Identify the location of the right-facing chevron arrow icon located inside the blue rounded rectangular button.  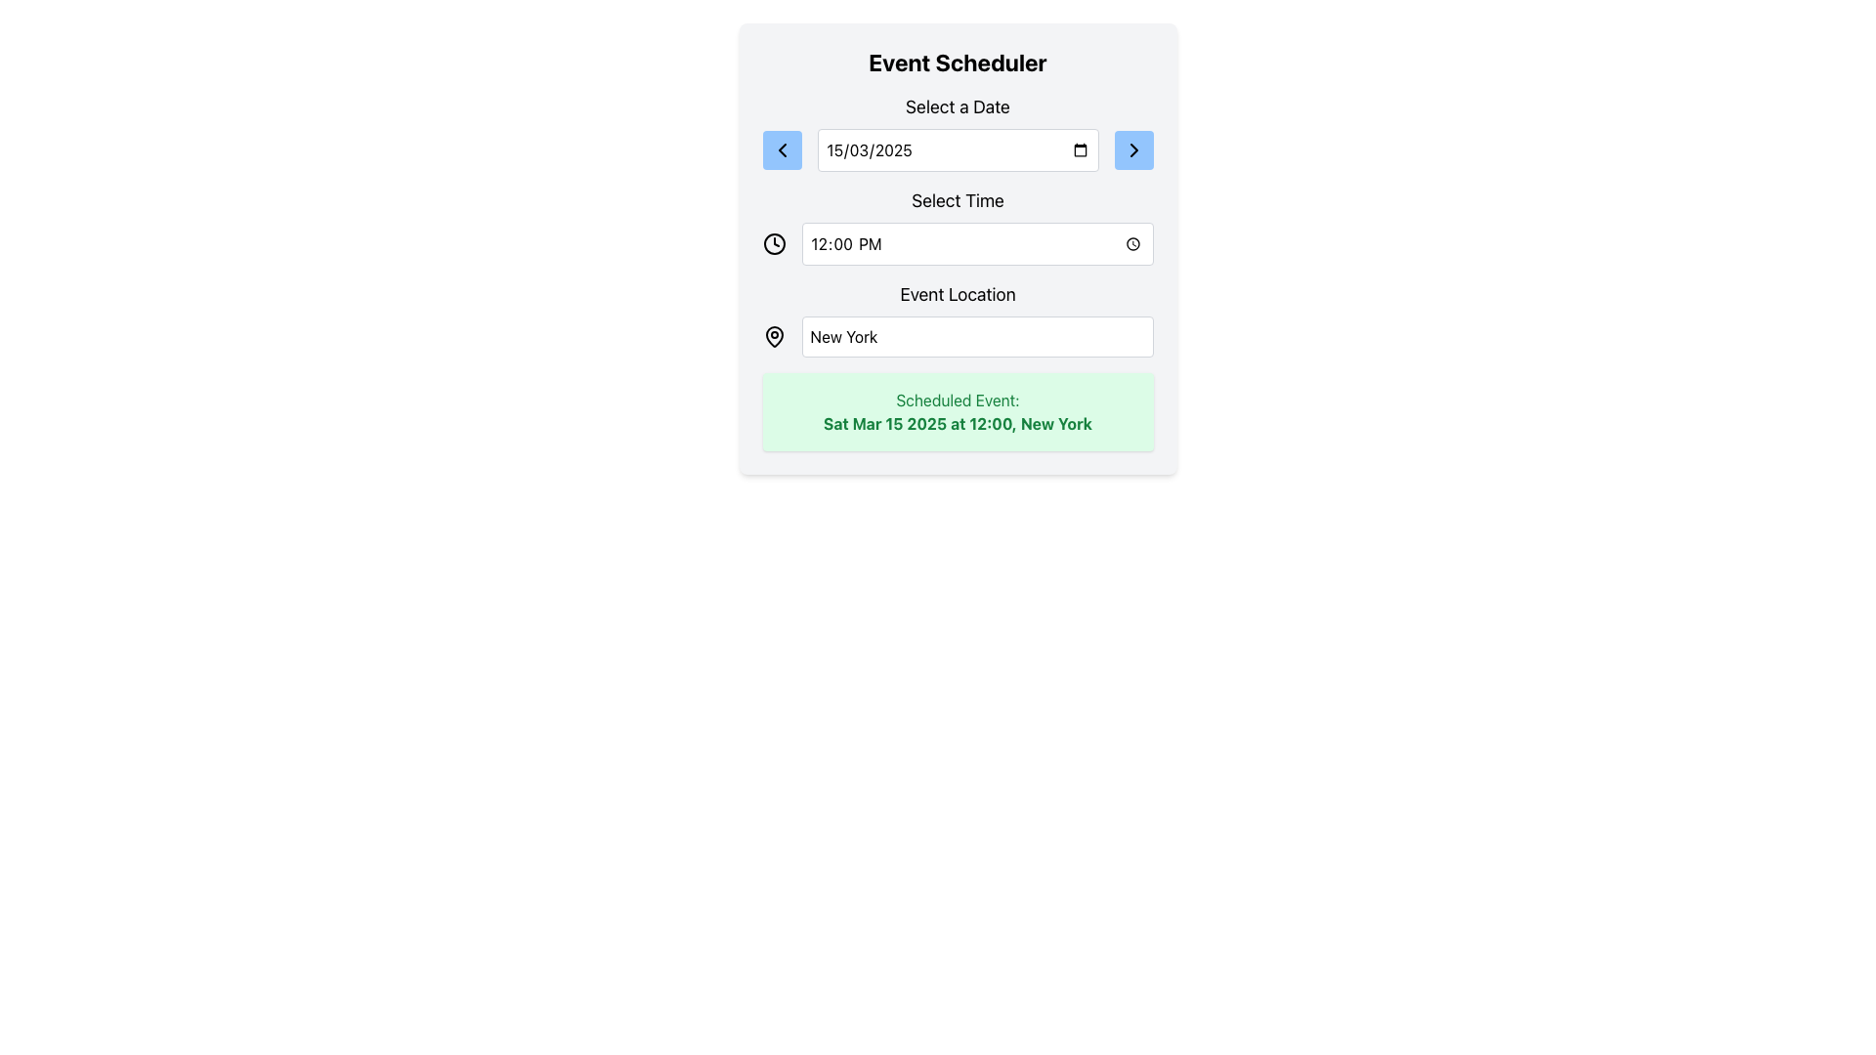
(1133, 149).